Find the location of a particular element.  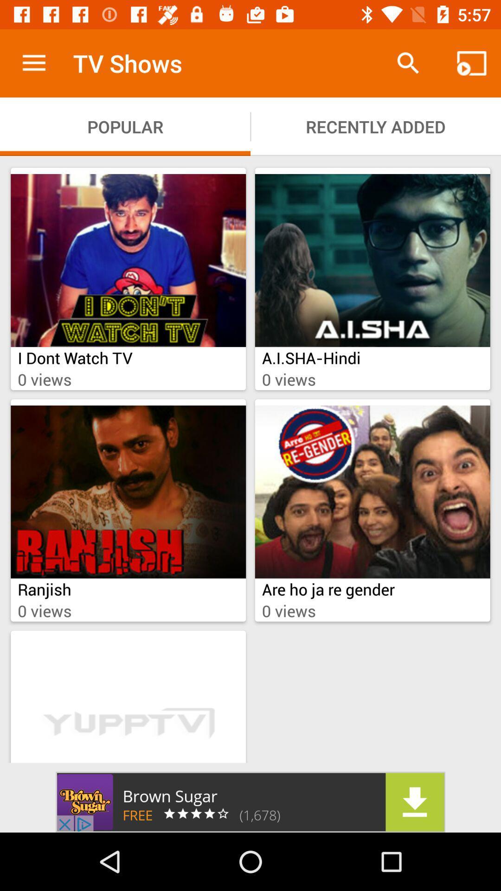

the add image is located at coordinates (250, 801).